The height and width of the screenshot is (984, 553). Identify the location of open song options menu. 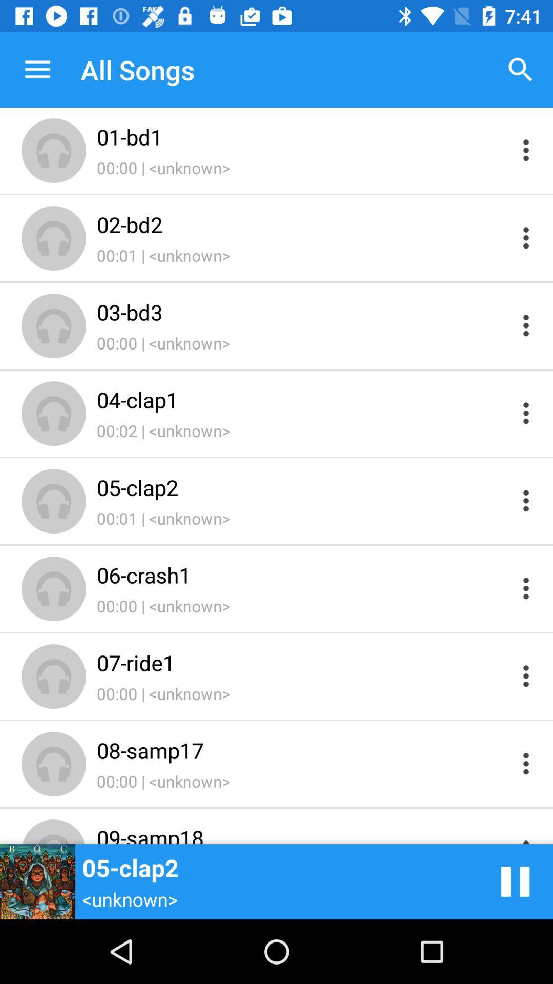
(526, 325).